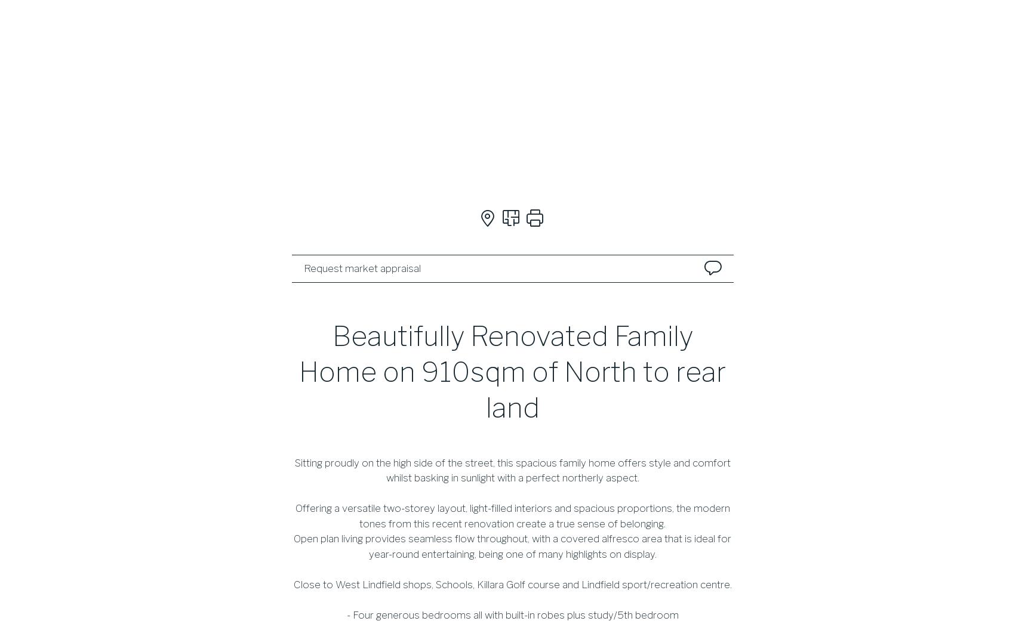 The width and height of the screenshot is (1025, 624). I want to click on 'Connect your utilities', so click(509, 425).